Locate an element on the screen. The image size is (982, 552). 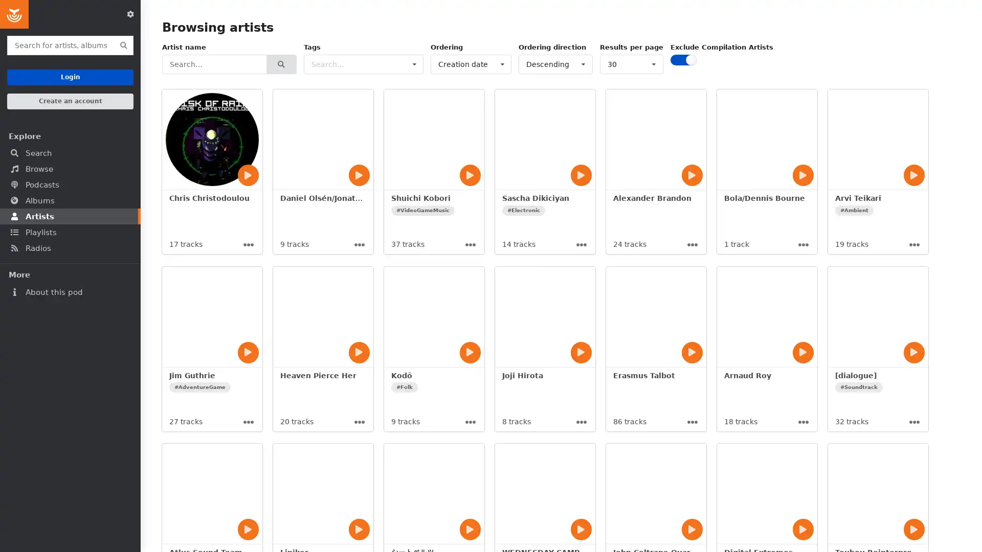
Play artist is located at coordinates (802, 352).